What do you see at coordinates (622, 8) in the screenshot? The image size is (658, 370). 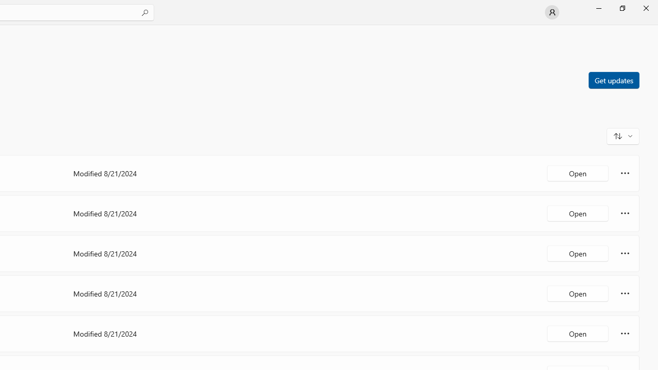 I see `'Restore Microsoft Store'` at bounding box center [622, 8].